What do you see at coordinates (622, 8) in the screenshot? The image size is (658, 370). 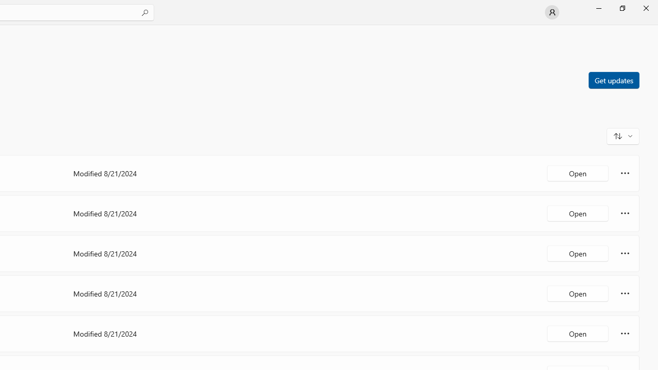 I see `'Restore Microsoft Store'` at bounding box center [622, 8].